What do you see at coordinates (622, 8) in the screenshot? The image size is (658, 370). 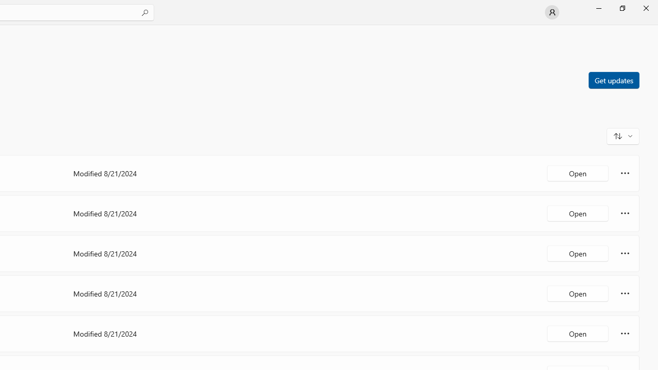 I see `'Restore Microsoft Store'` at bounding box center [622, 8].